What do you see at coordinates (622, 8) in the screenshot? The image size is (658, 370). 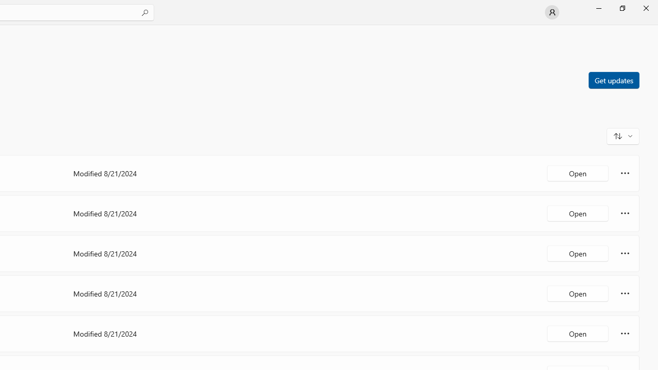 I see `'Restore Microsoft Store'` at bounding box center [622, 8].